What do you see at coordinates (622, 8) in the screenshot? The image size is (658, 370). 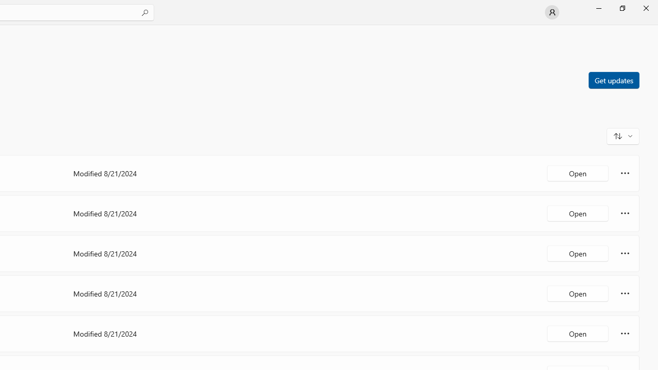 I see `'Restore Microsoft Store'` at bounding box center [622, 8].